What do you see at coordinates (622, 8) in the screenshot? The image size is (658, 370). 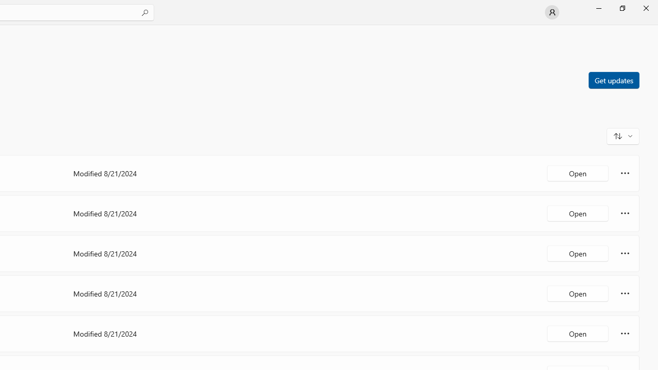 I see `'Restore Microsoft Store'` at bounding box center [622, 8].